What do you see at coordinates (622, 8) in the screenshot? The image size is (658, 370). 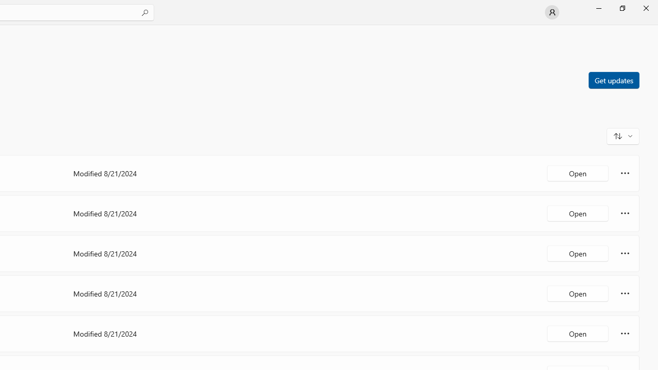 I see `'Restore Microsoft Store'` at bounding box center [622, 8].